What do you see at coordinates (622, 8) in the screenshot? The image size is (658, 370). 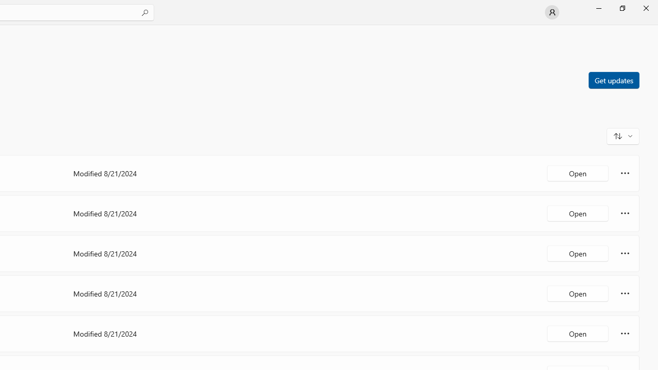 I see `'Restore Microsoft Store'` at bounding box center [622, 8].